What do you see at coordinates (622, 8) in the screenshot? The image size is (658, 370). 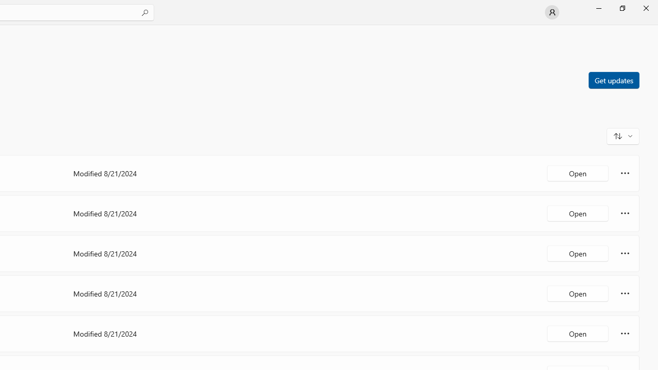 I see `'Restore Microsoft Store'` at bounding box center [622, 8].